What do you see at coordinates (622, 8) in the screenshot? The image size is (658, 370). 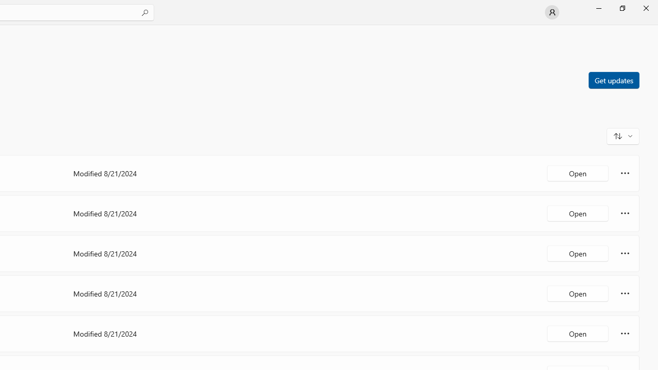 I see `'Restore Microsoft Store'` at bounding box center [622, 8].